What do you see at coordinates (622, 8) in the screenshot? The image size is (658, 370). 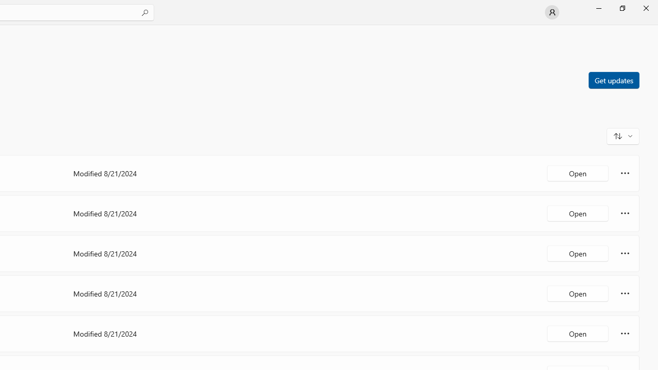 I see `'Restore Microsoft Store'` at bounding box center [622, 8].